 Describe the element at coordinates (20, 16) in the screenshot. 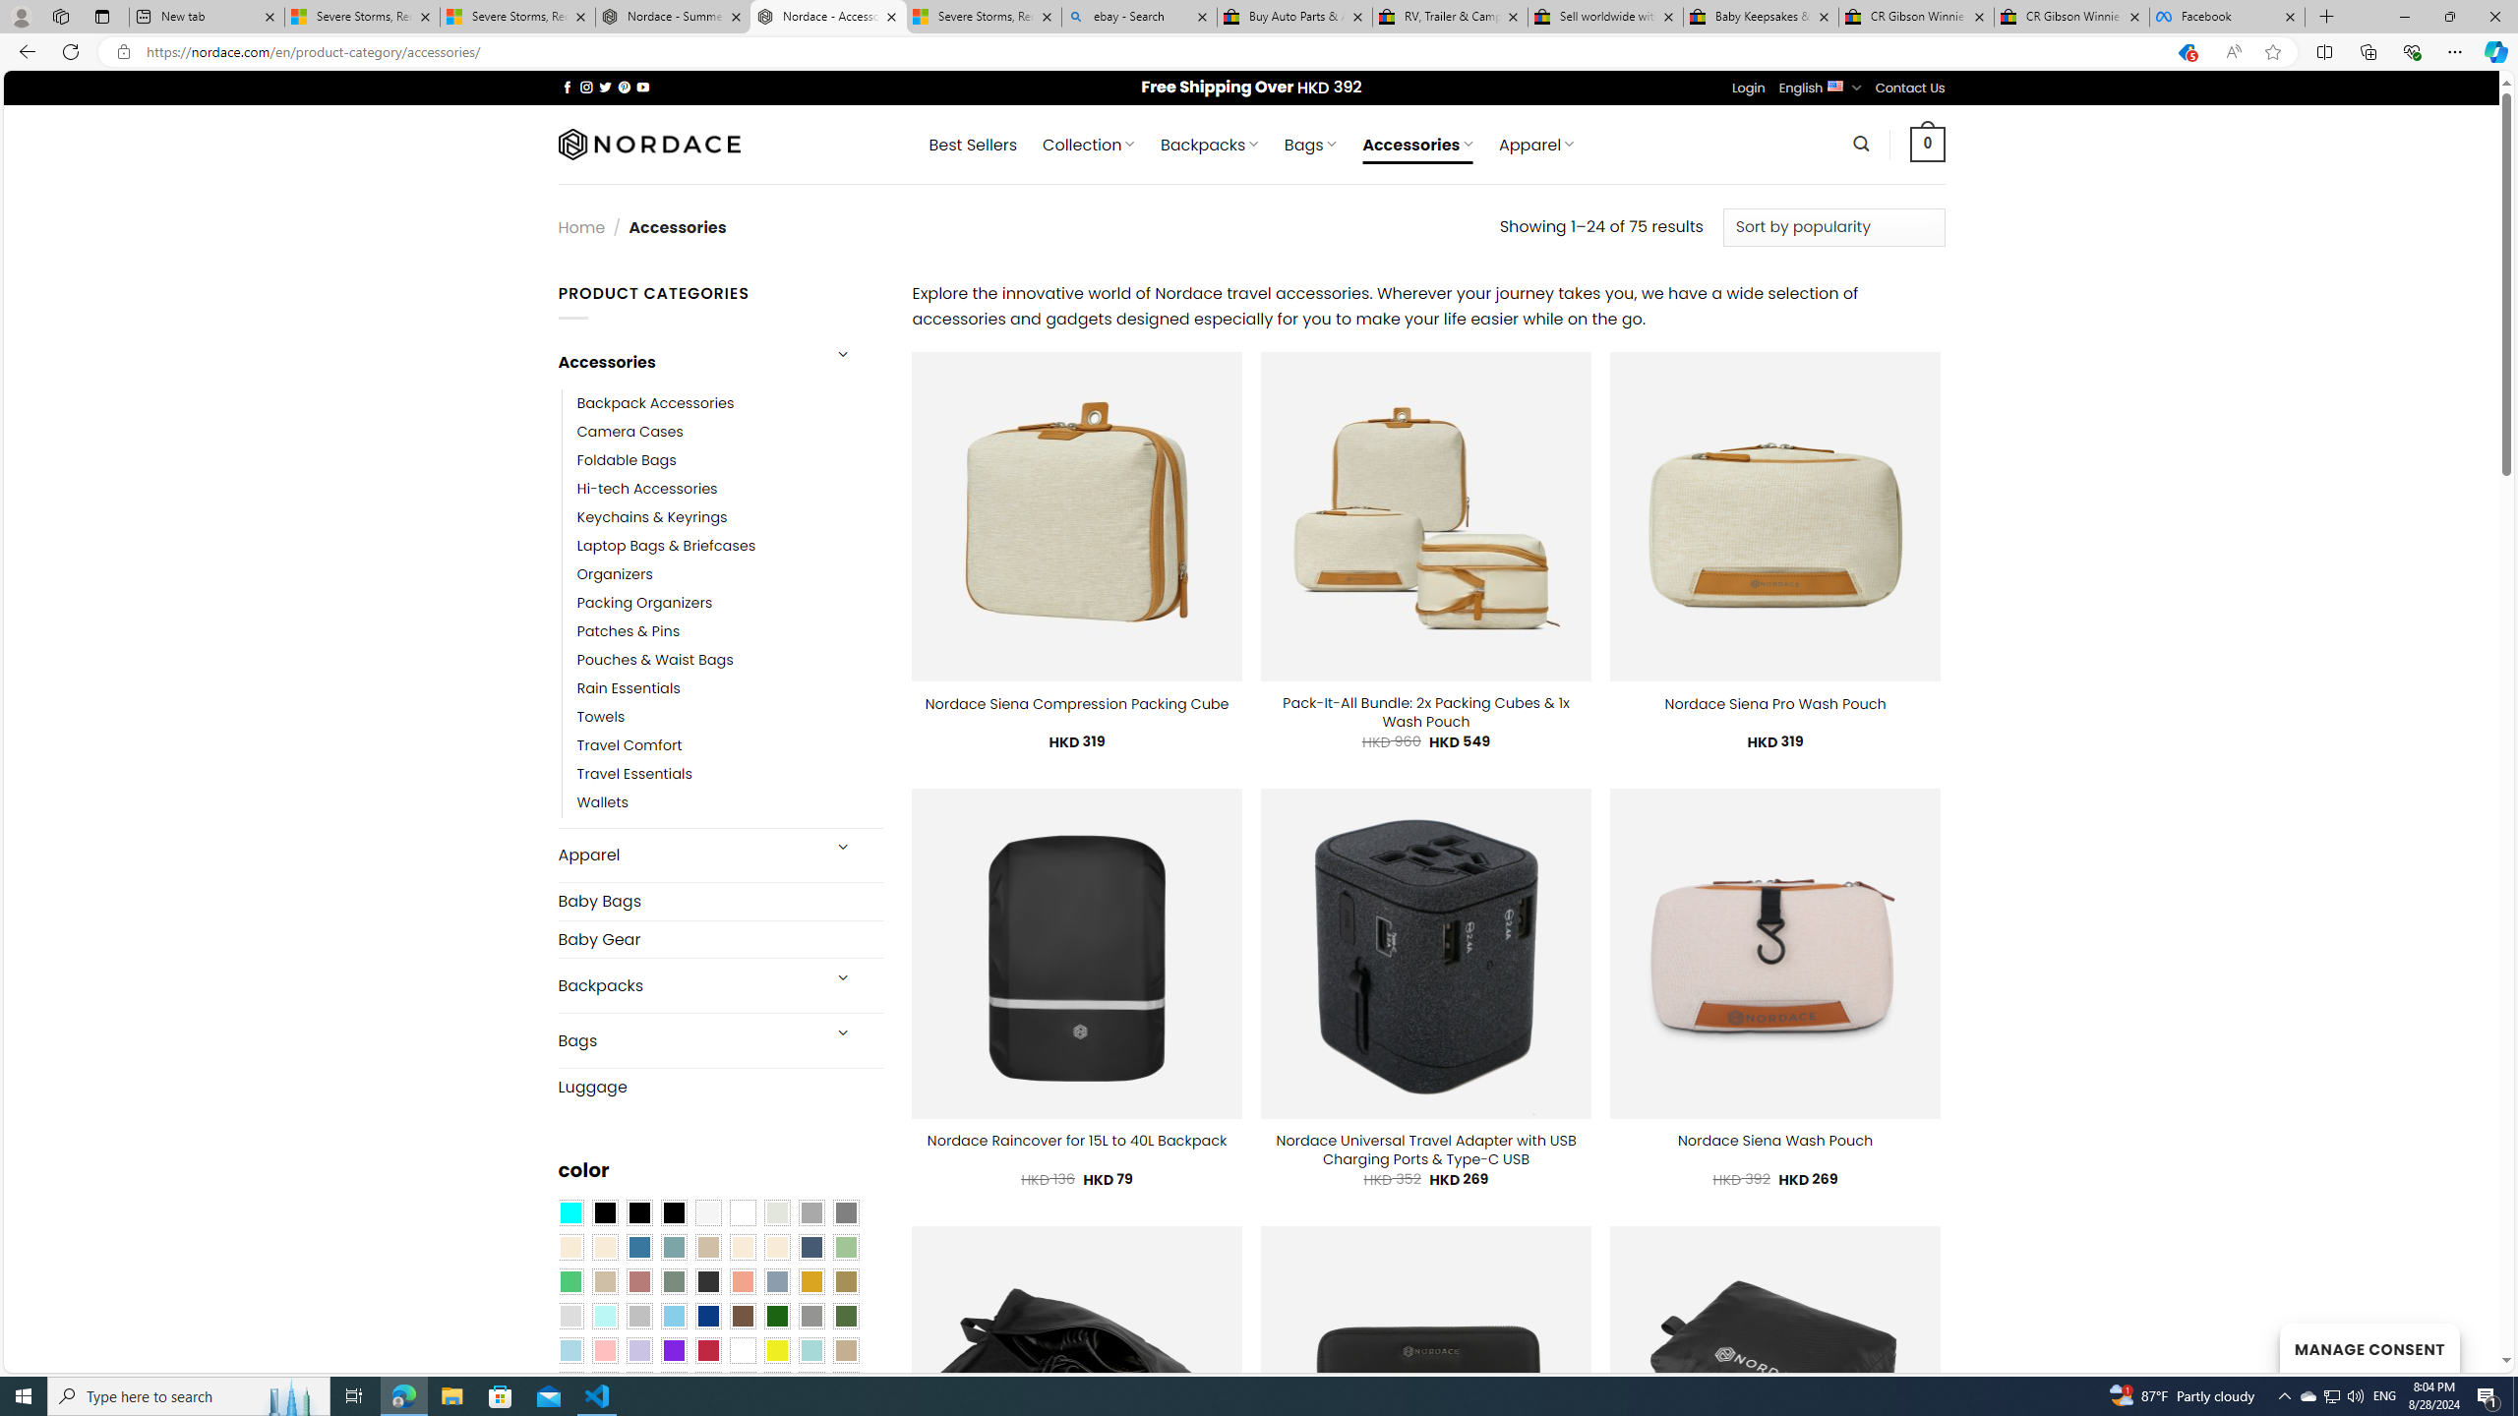

I see `'Personal Profile'` at that location.